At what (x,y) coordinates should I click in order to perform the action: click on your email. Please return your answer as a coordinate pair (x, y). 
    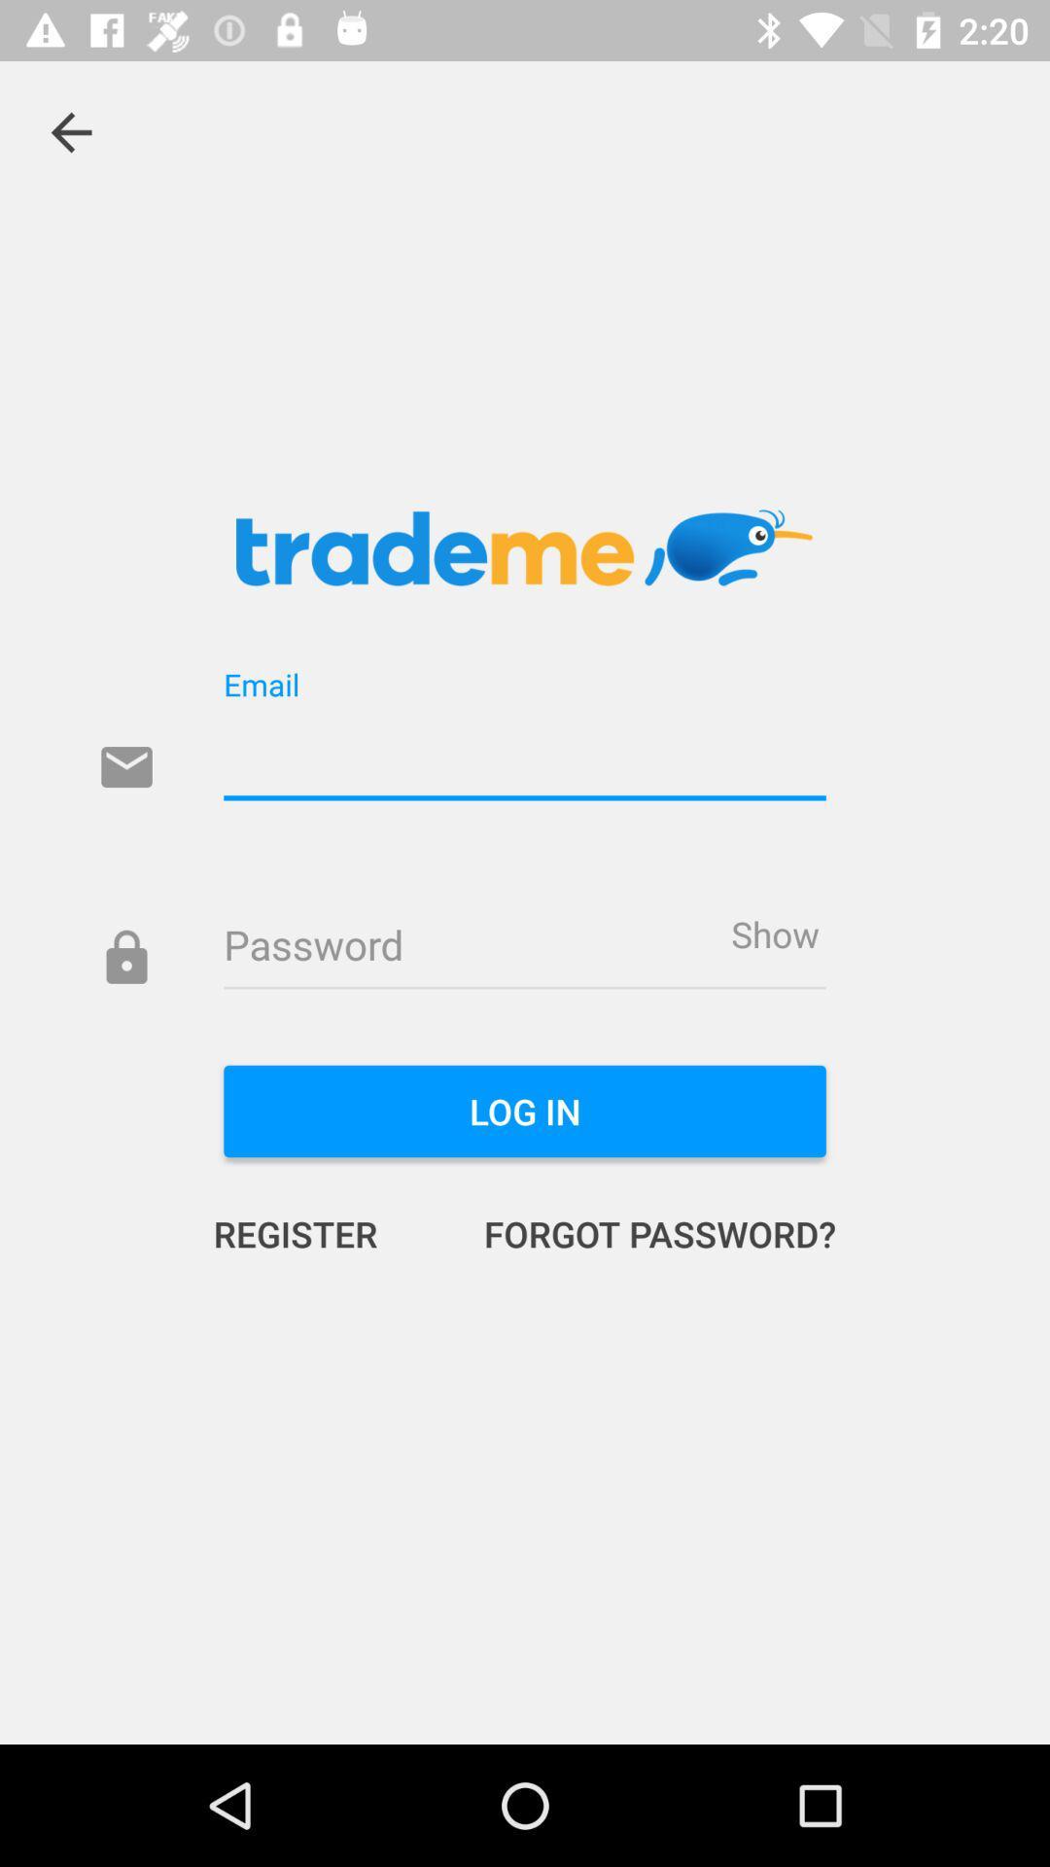
    Looking at the image, I should click on (525, 756).